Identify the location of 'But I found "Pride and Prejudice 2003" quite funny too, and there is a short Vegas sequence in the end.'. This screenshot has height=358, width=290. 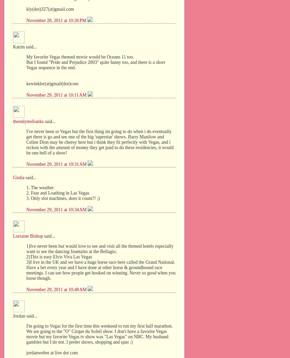
(96, 64).